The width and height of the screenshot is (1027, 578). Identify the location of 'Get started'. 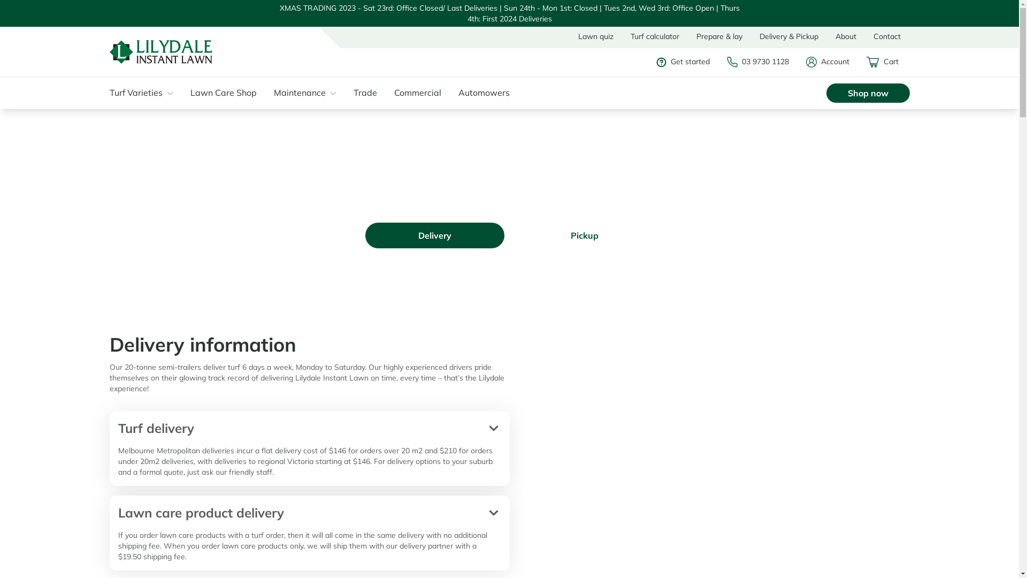
(656, 62).